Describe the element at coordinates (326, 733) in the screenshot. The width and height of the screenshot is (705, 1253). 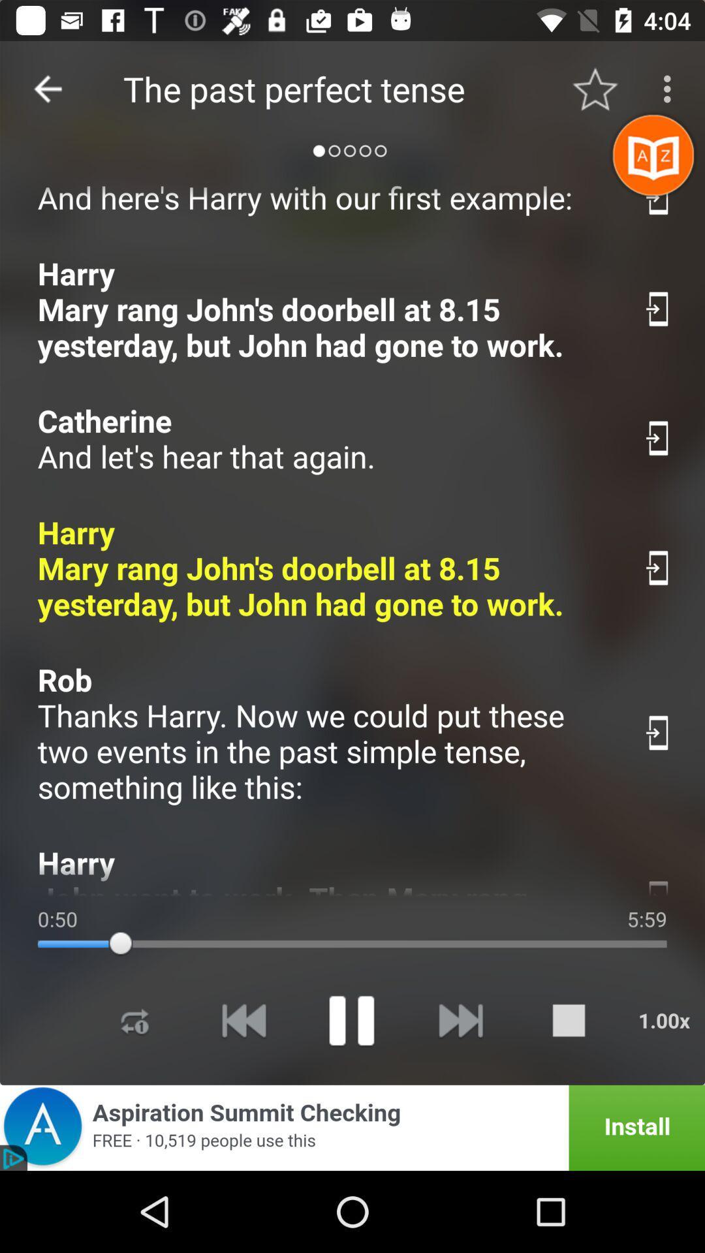
I see `the rob thanks harry` at that location.